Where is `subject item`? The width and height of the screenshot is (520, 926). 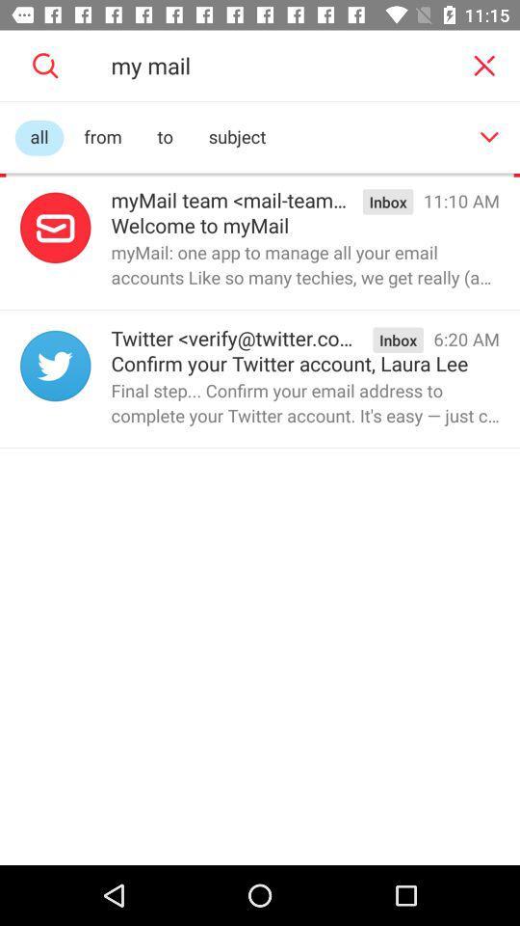
subject item is located at coordinates (237, 137).